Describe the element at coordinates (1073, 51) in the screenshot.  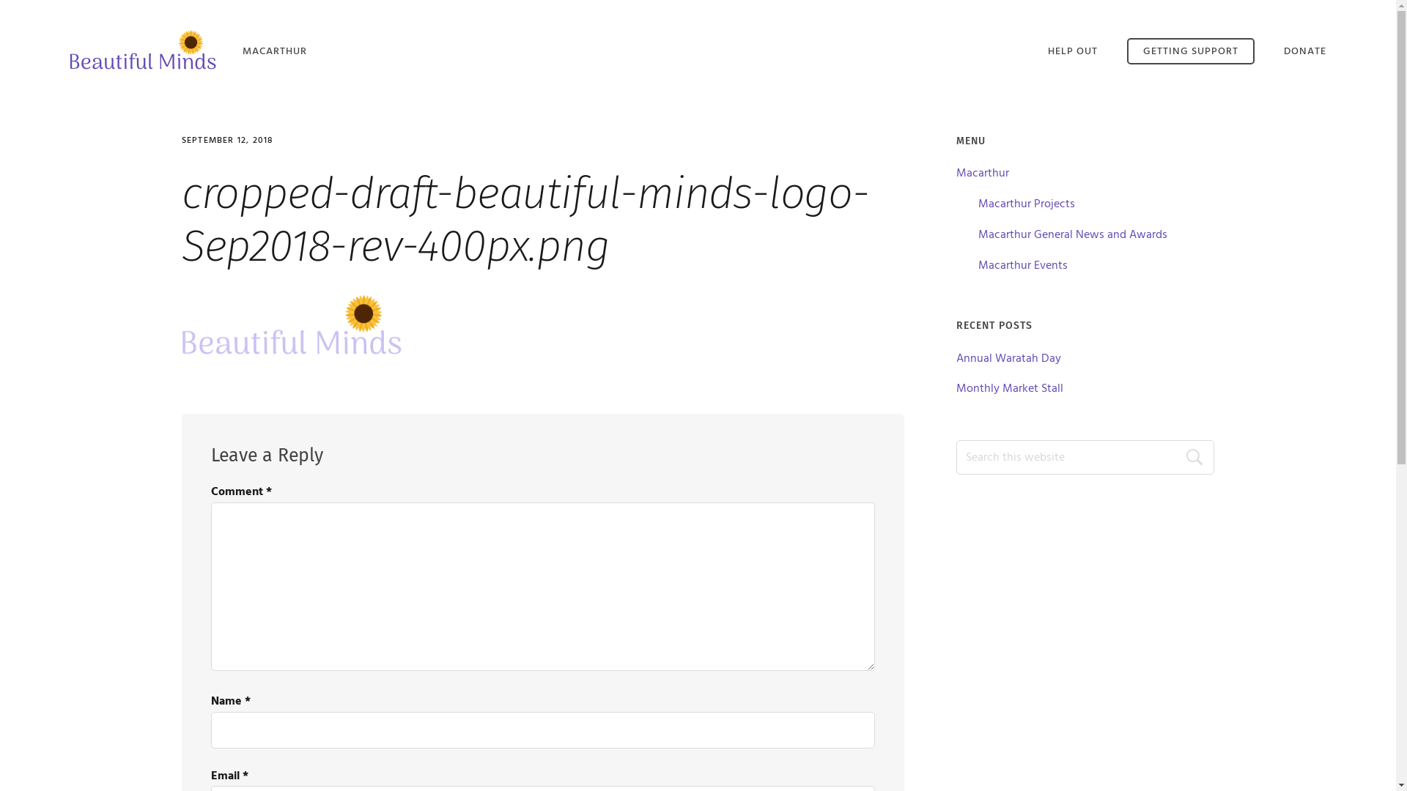
I see `'HELP OUT'` at that location.